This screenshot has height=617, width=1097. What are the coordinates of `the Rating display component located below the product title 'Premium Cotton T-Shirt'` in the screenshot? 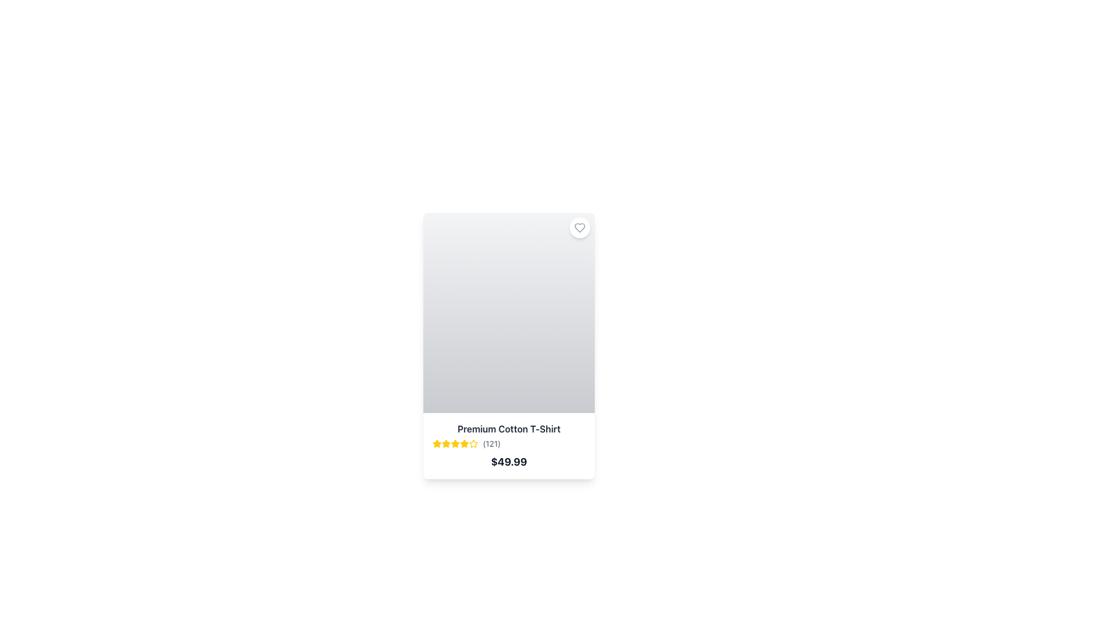 It's located at (509, 443).